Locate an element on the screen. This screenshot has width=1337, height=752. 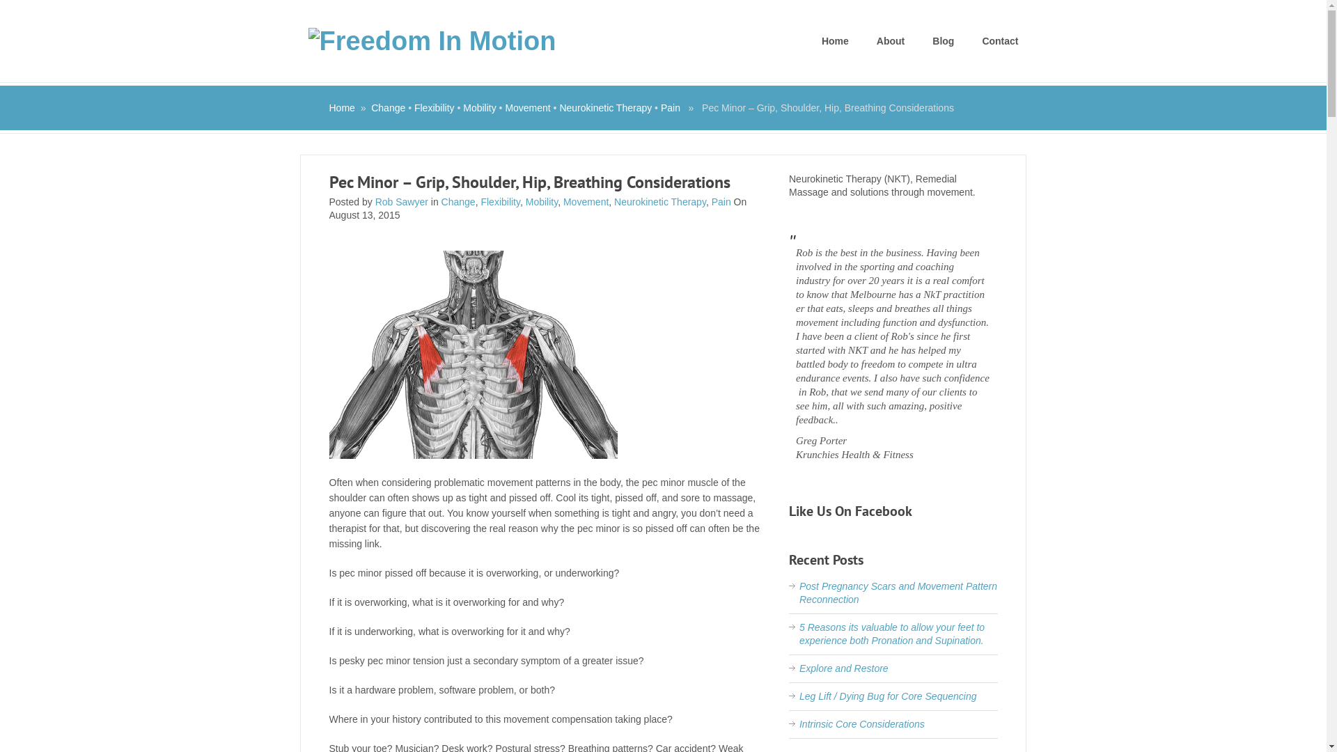
'About' is located at coordinates (889, 40).